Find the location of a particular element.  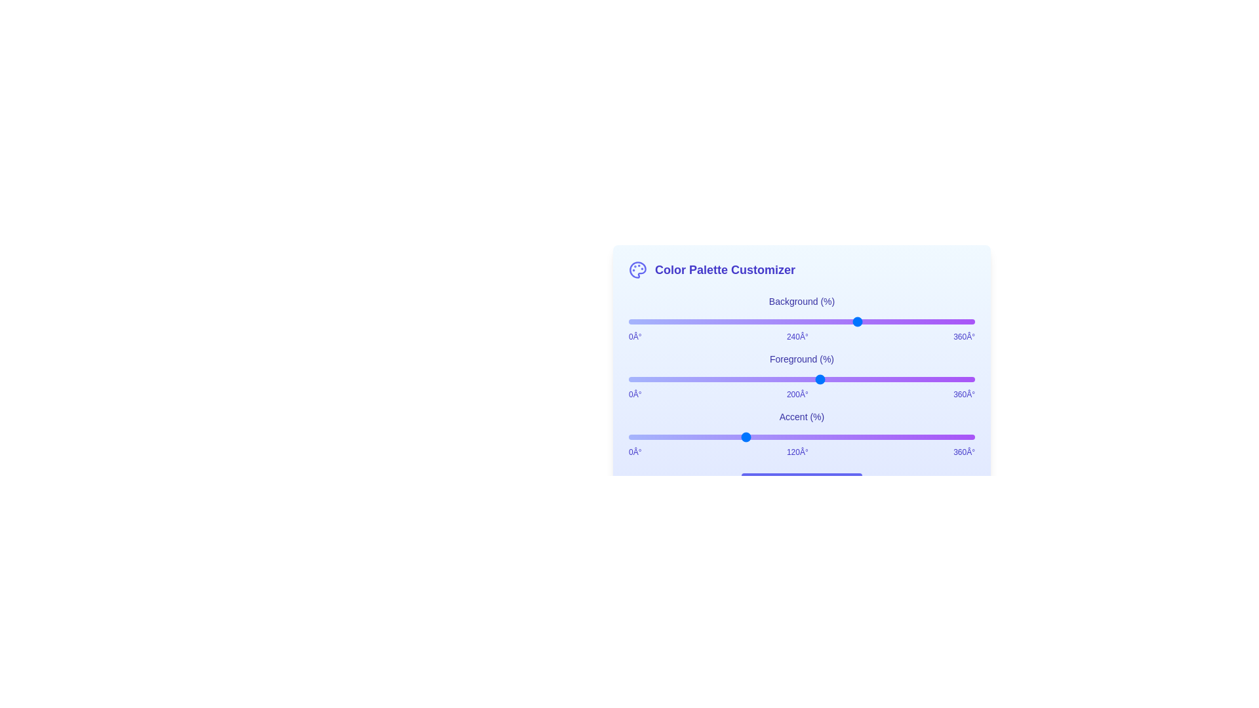

the Accent slider to set its hue to 9 degrees is located at coordinates (637, 437).